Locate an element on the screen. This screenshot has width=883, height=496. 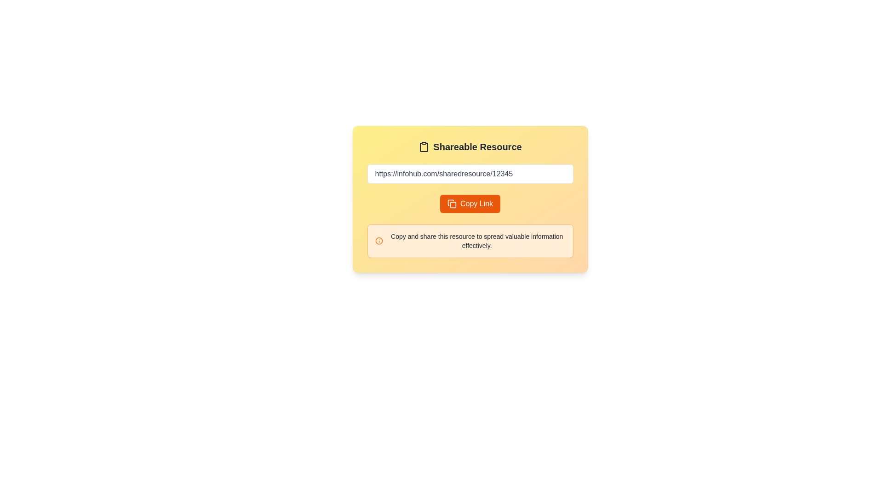
the orange 'Copy Link' button with rounded corners and a clipboard icon to copy the link is located at coordinates (470, 203).